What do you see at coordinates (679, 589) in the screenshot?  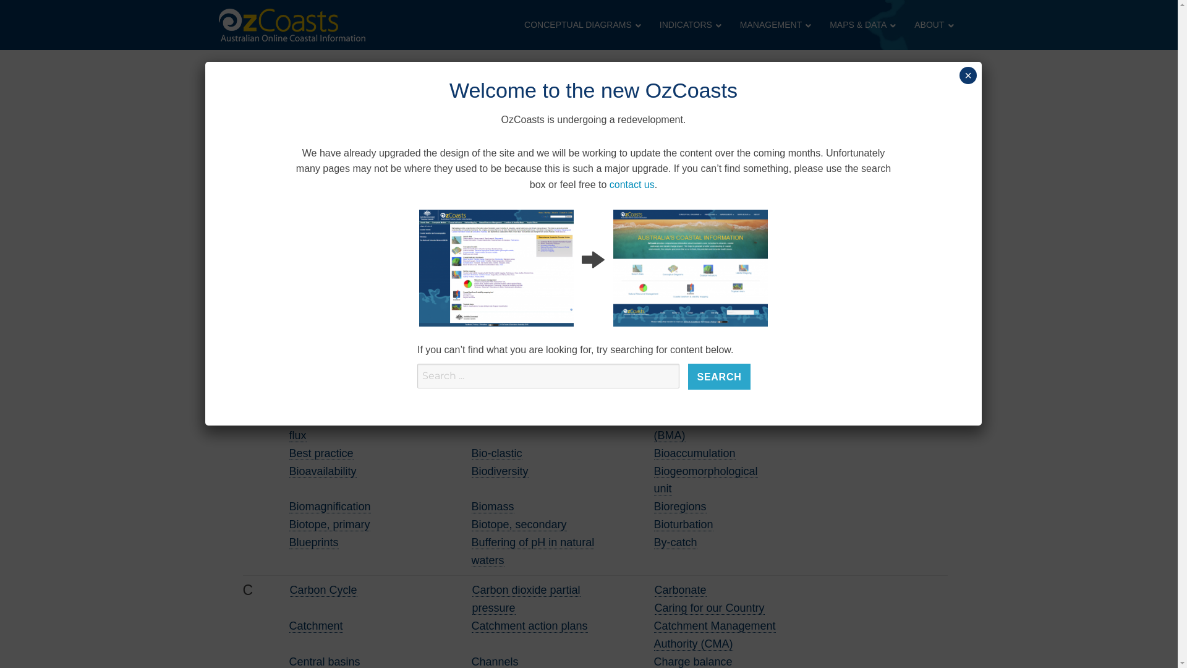 I see `'Carbonate'` at bounding box center [679, 589].